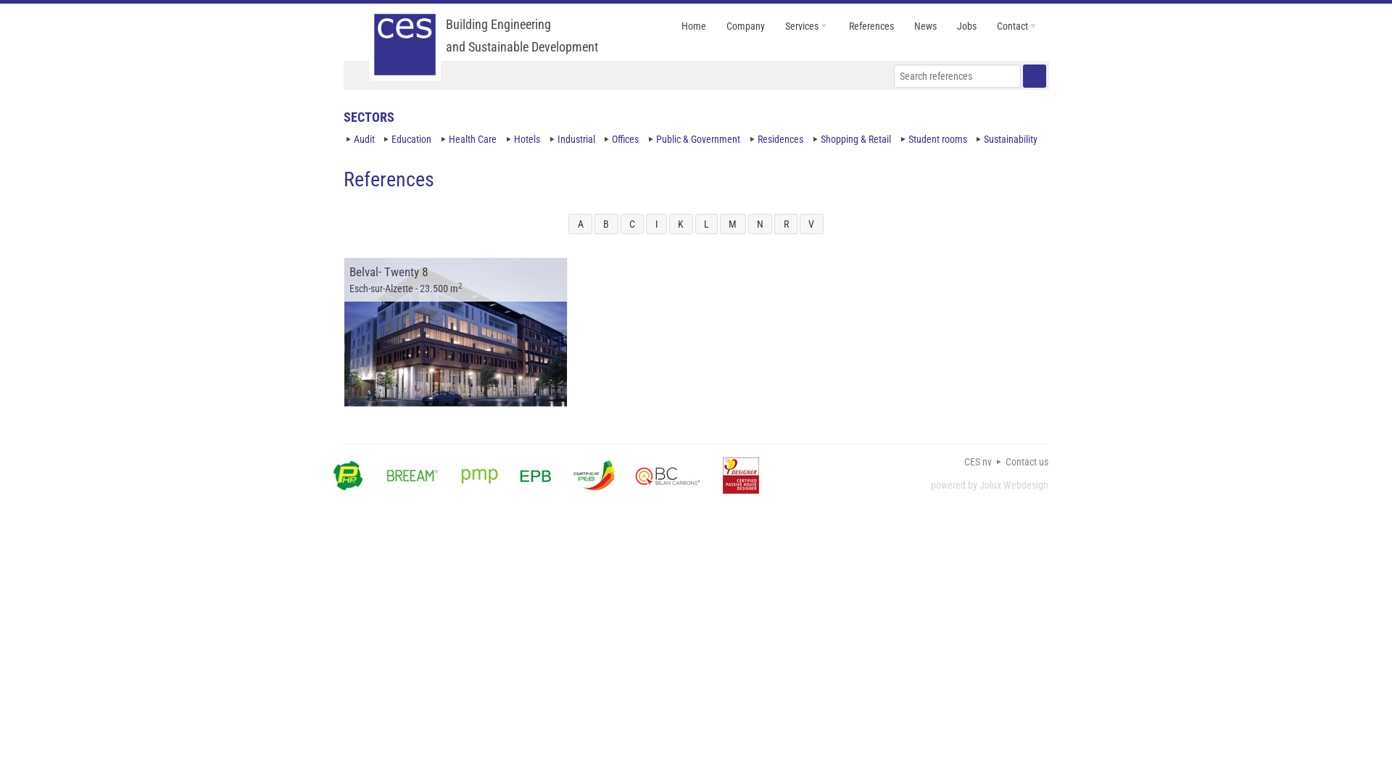  Describe the element at coordinates (806, 26) in the screenshot. I see `'Services'` at that location.